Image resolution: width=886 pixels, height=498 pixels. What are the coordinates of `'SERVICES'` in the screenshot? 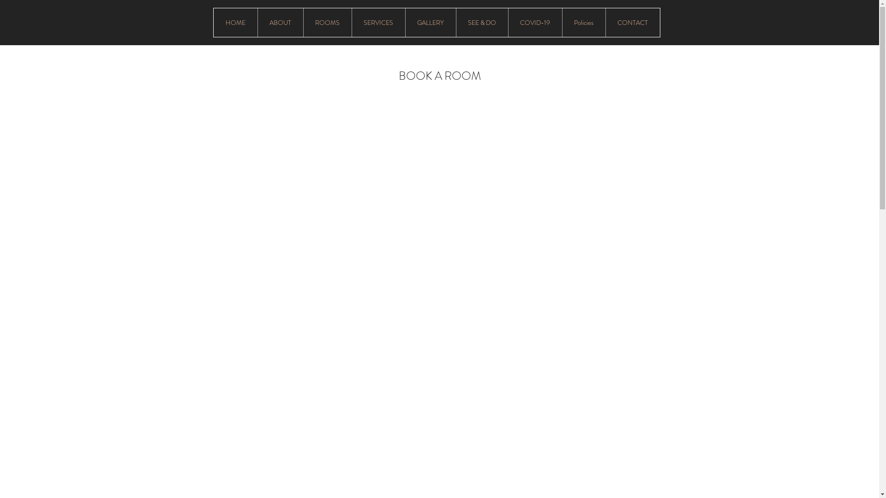 It's located at (378, 22).